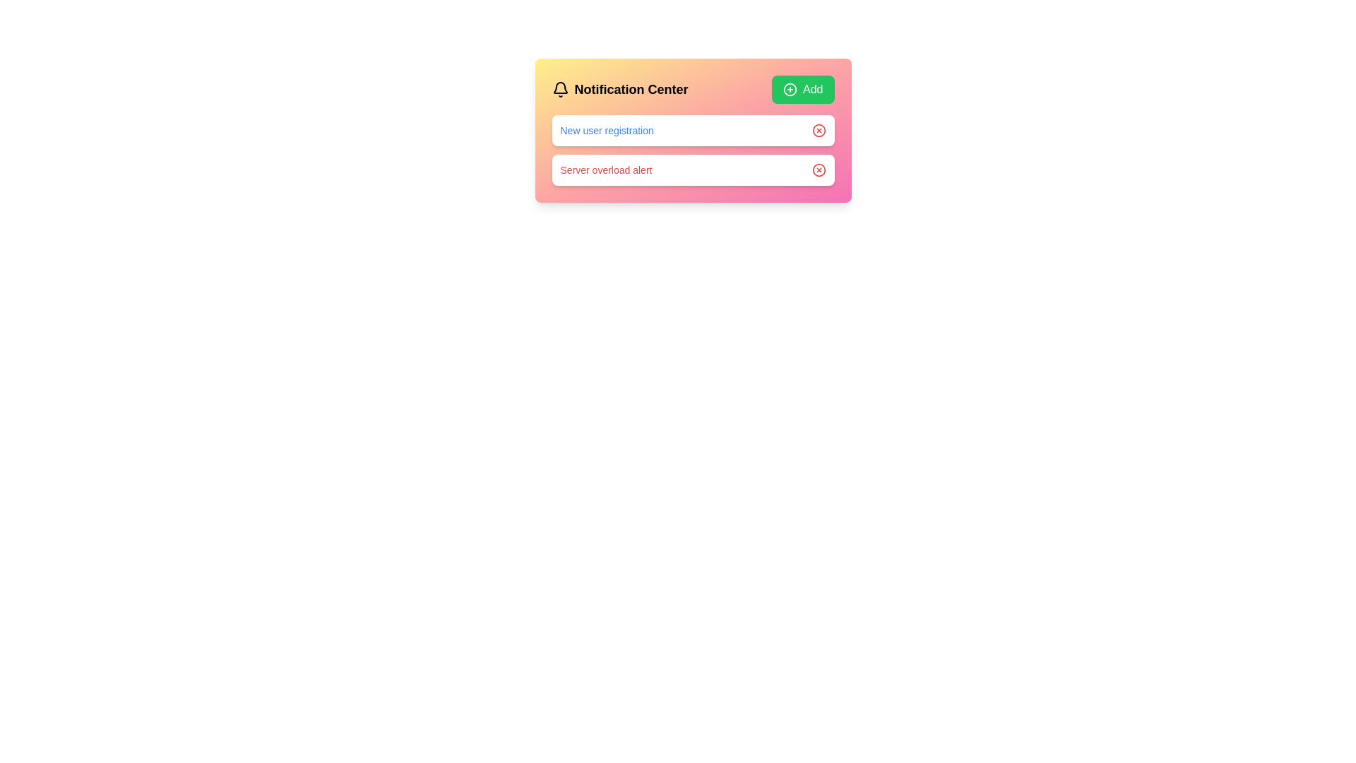 The width and height of the screenshot is (1356, 763). Describe the element at coordinates (693, 150) in the screenshot. I see `the List of notification items with dismiss buttons in the Notification Center to scroll through notifications` at that location.